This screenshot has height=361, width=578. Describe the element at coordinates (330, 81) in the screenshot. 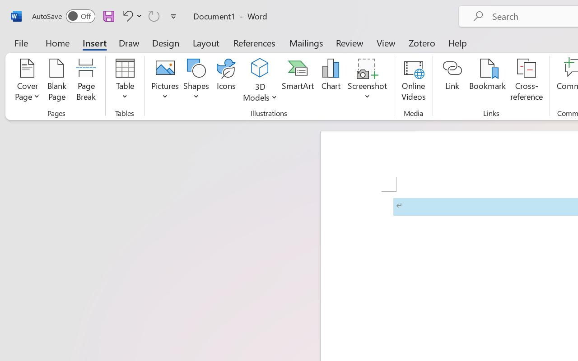

I see `'Chart...'` at that location.